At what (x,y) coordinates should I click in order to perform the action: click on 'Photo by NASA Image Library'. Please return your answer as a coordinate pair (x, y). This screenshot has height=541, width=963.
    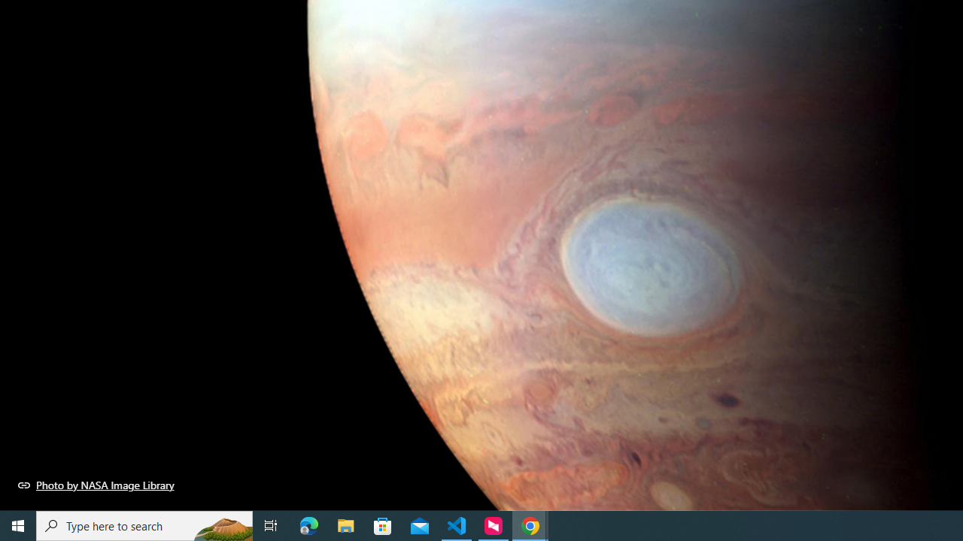
    Looking at the image, I should click on (96, 485).